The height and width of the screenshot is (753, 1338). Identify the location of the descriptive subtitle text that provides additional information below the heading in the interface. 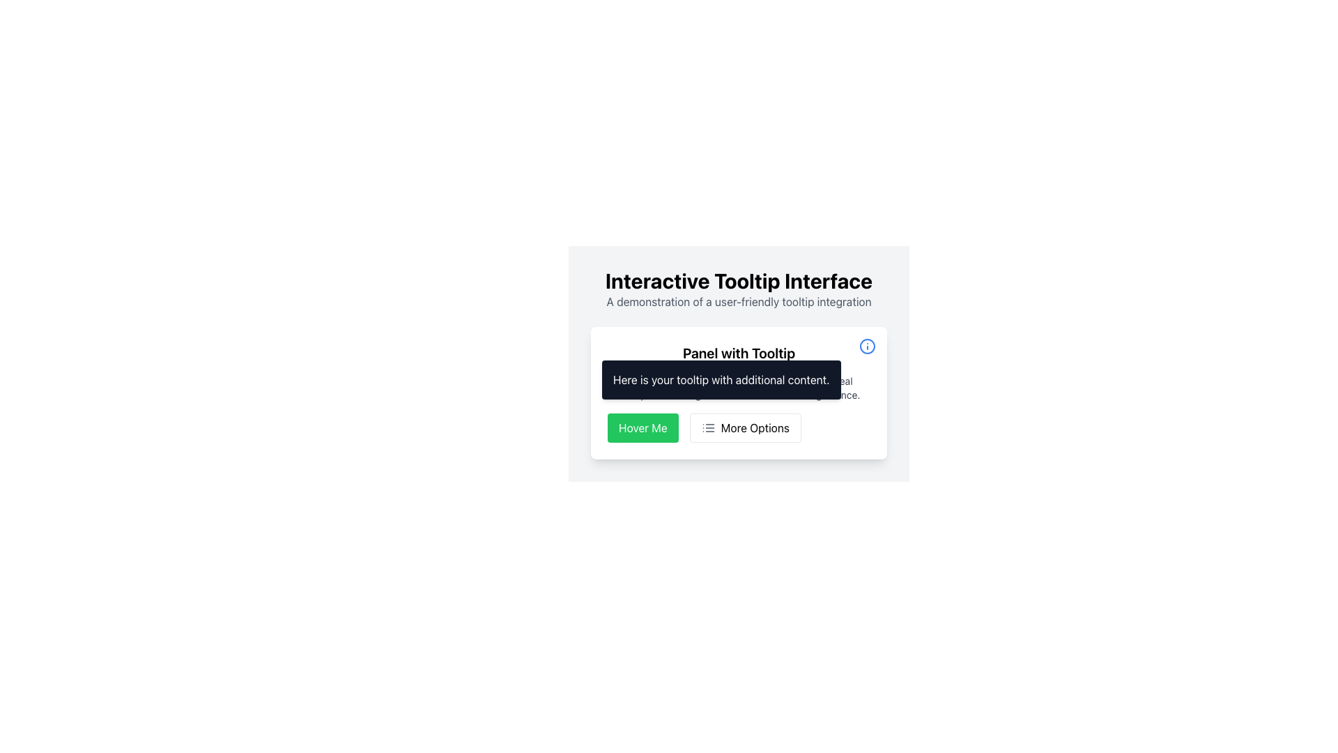
(738, 301).